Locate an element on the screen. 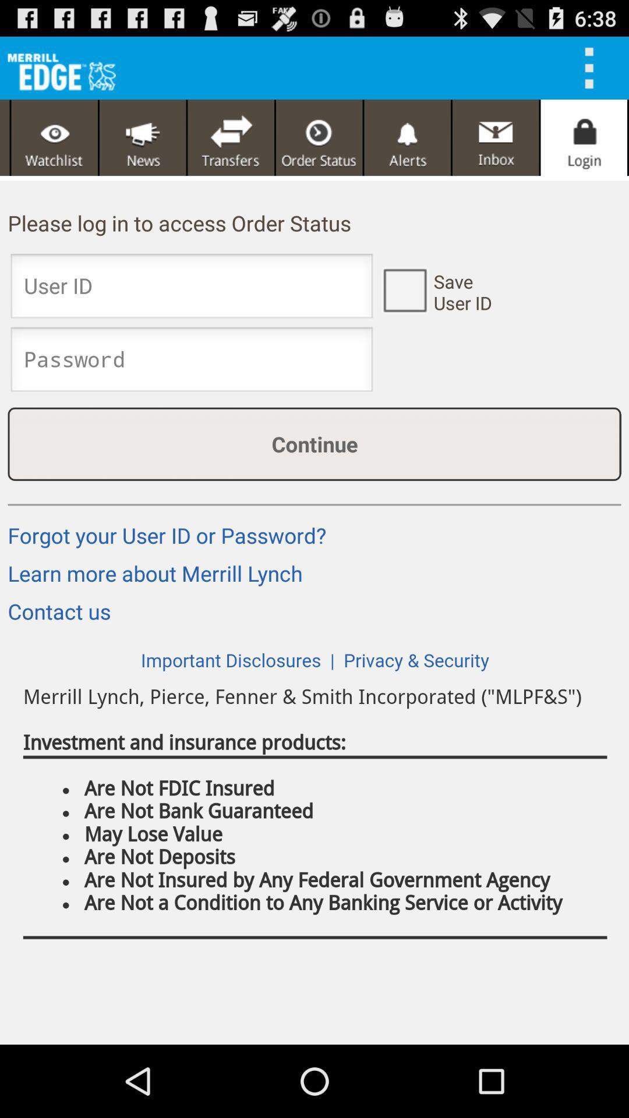 The image size is (629, 1118). the time icon is located at coordinates (319, 147).